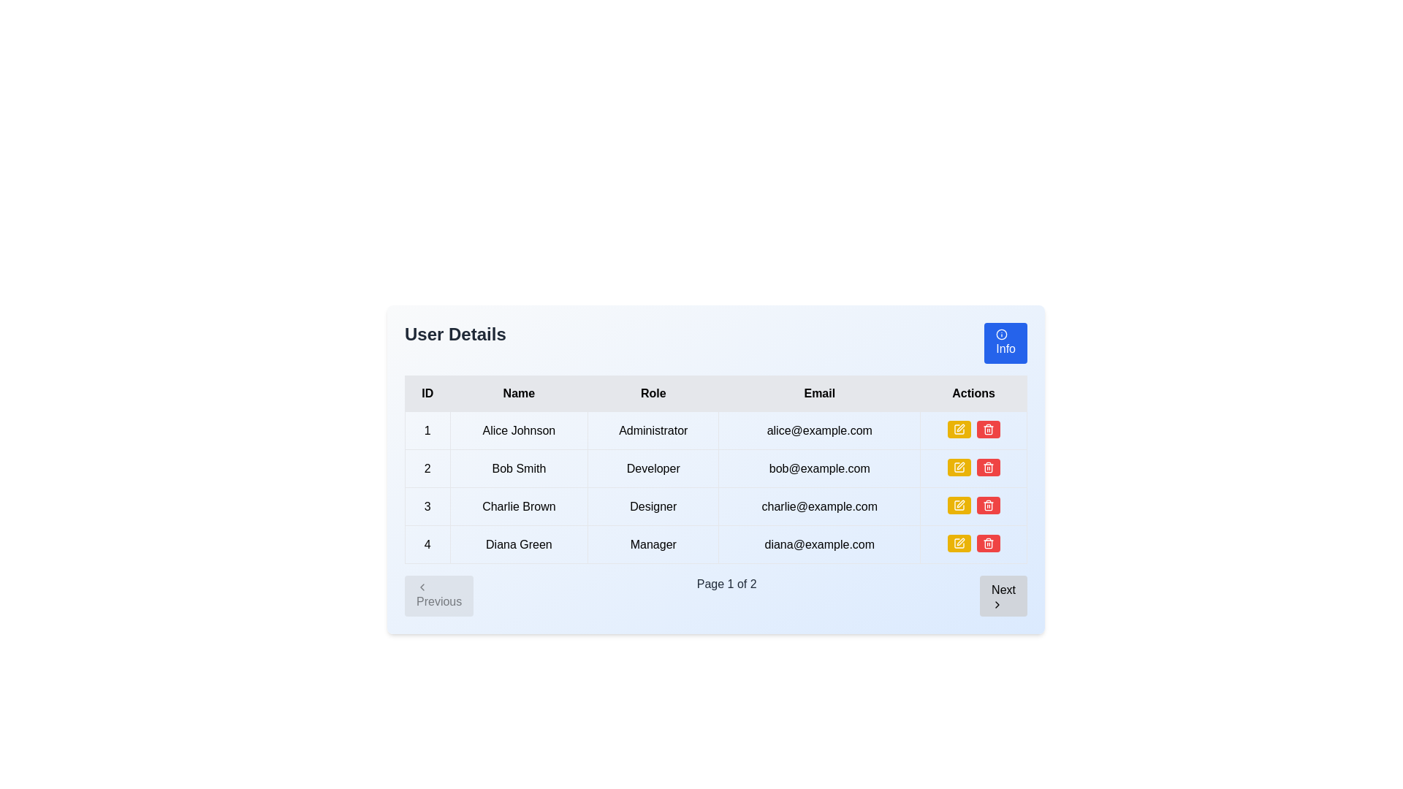 This screenshot has height=789, width=1403. Describe the element at coordinates (438, 596) in the screenshot. I see `the 'Previous' button with a light gray background and a left-pointing chevron, which is currently in a disabled state` at that location.